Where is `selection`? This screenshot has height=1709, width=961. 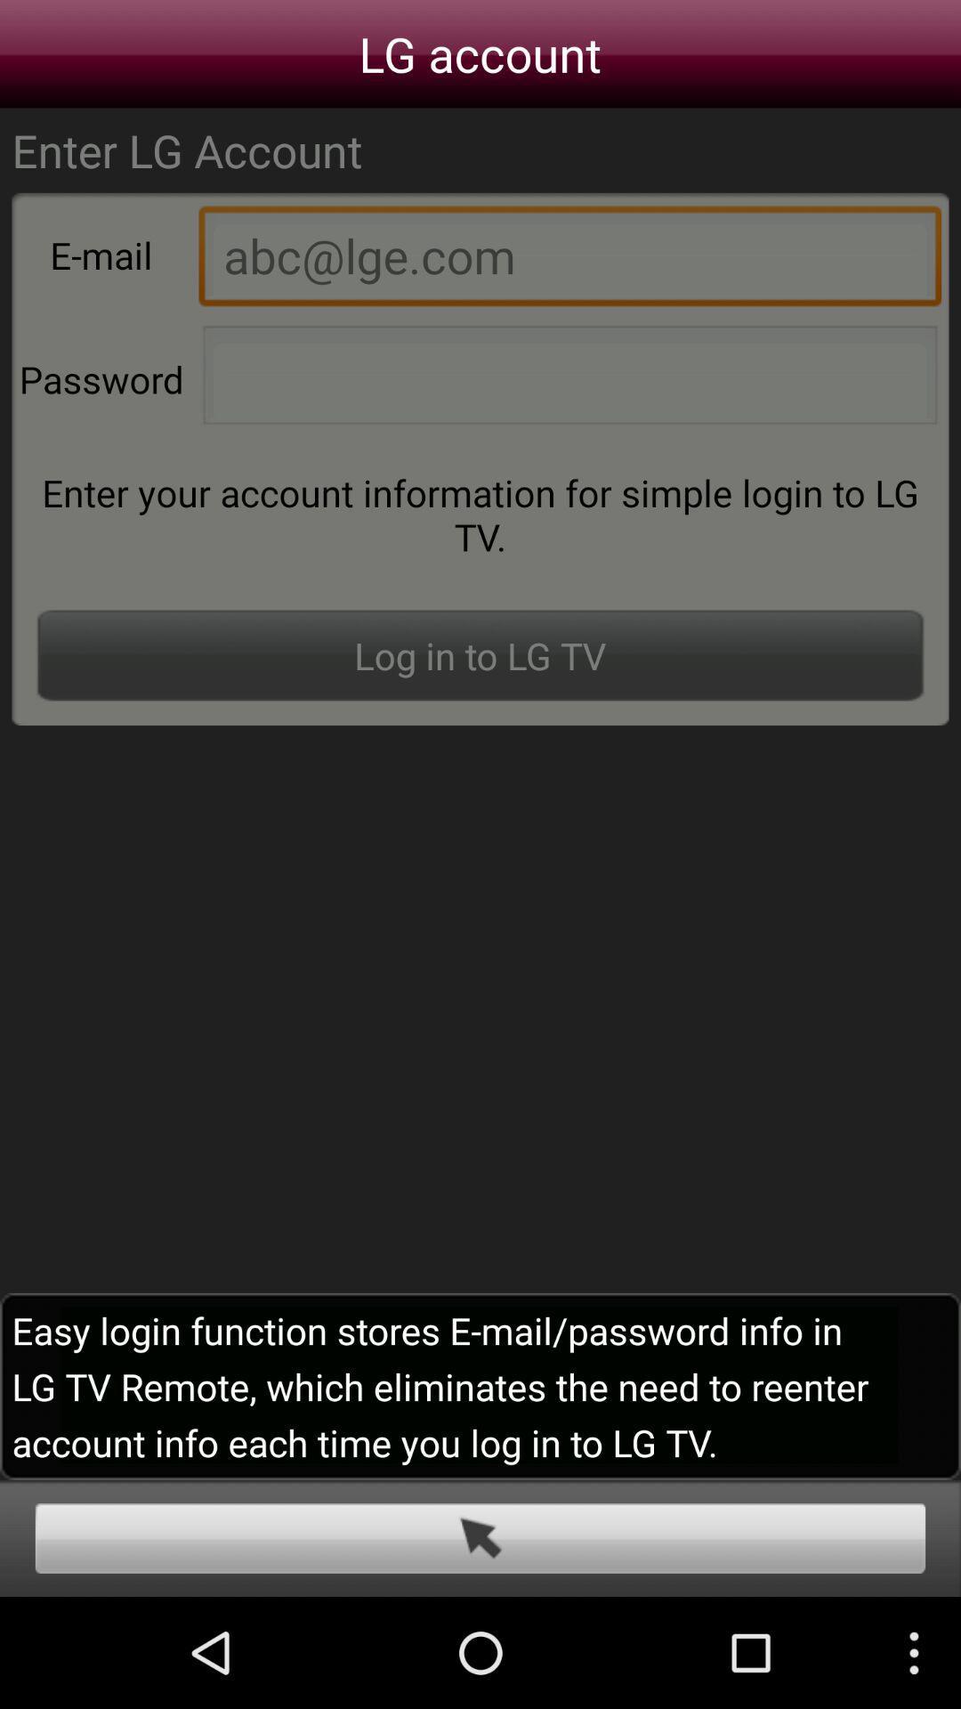
selection is located at coordinates (480, 1537).